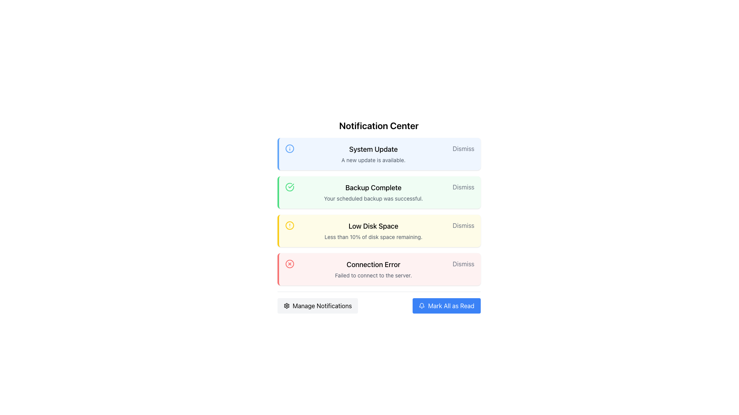  Describe the element at coordinates (289, 148) in the screenshot. I see `the circular icon with an 'i' symbol, styled with a blue border and light blue background, located at the top-left corner inside the first notification card labeled 'System Update'` at that location.